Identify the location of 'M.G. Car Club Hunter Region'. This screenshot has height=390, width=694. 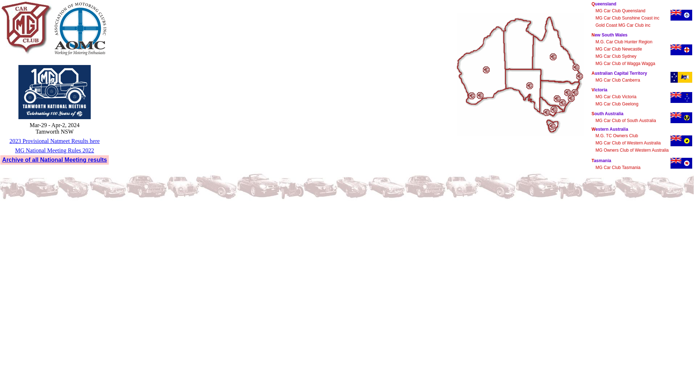
(623, 42).